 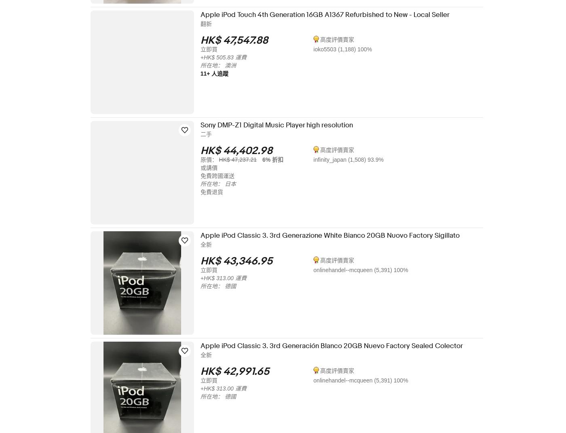 I want to click on 'Apple iPod Touch 4th Generation 16GB A1367 Refurbished to New - Local Seller', so click(x=330, y=14).